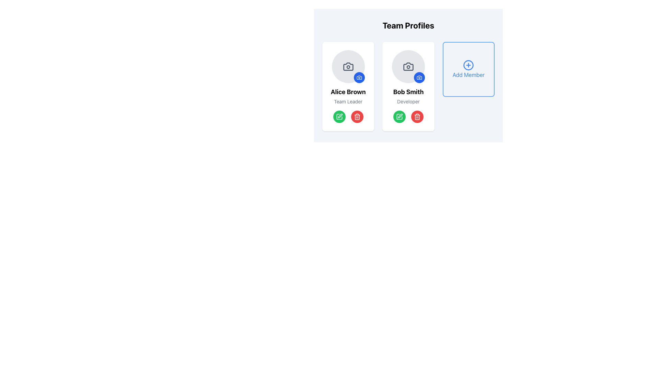 The width and height of the screenshot is (659, 371). What do you see at coordinates (357, 117) in the screenshot?
I see `the trash icon button located at the bottom-right of Bob Smith's profile card` at bounding box center [357, 117].